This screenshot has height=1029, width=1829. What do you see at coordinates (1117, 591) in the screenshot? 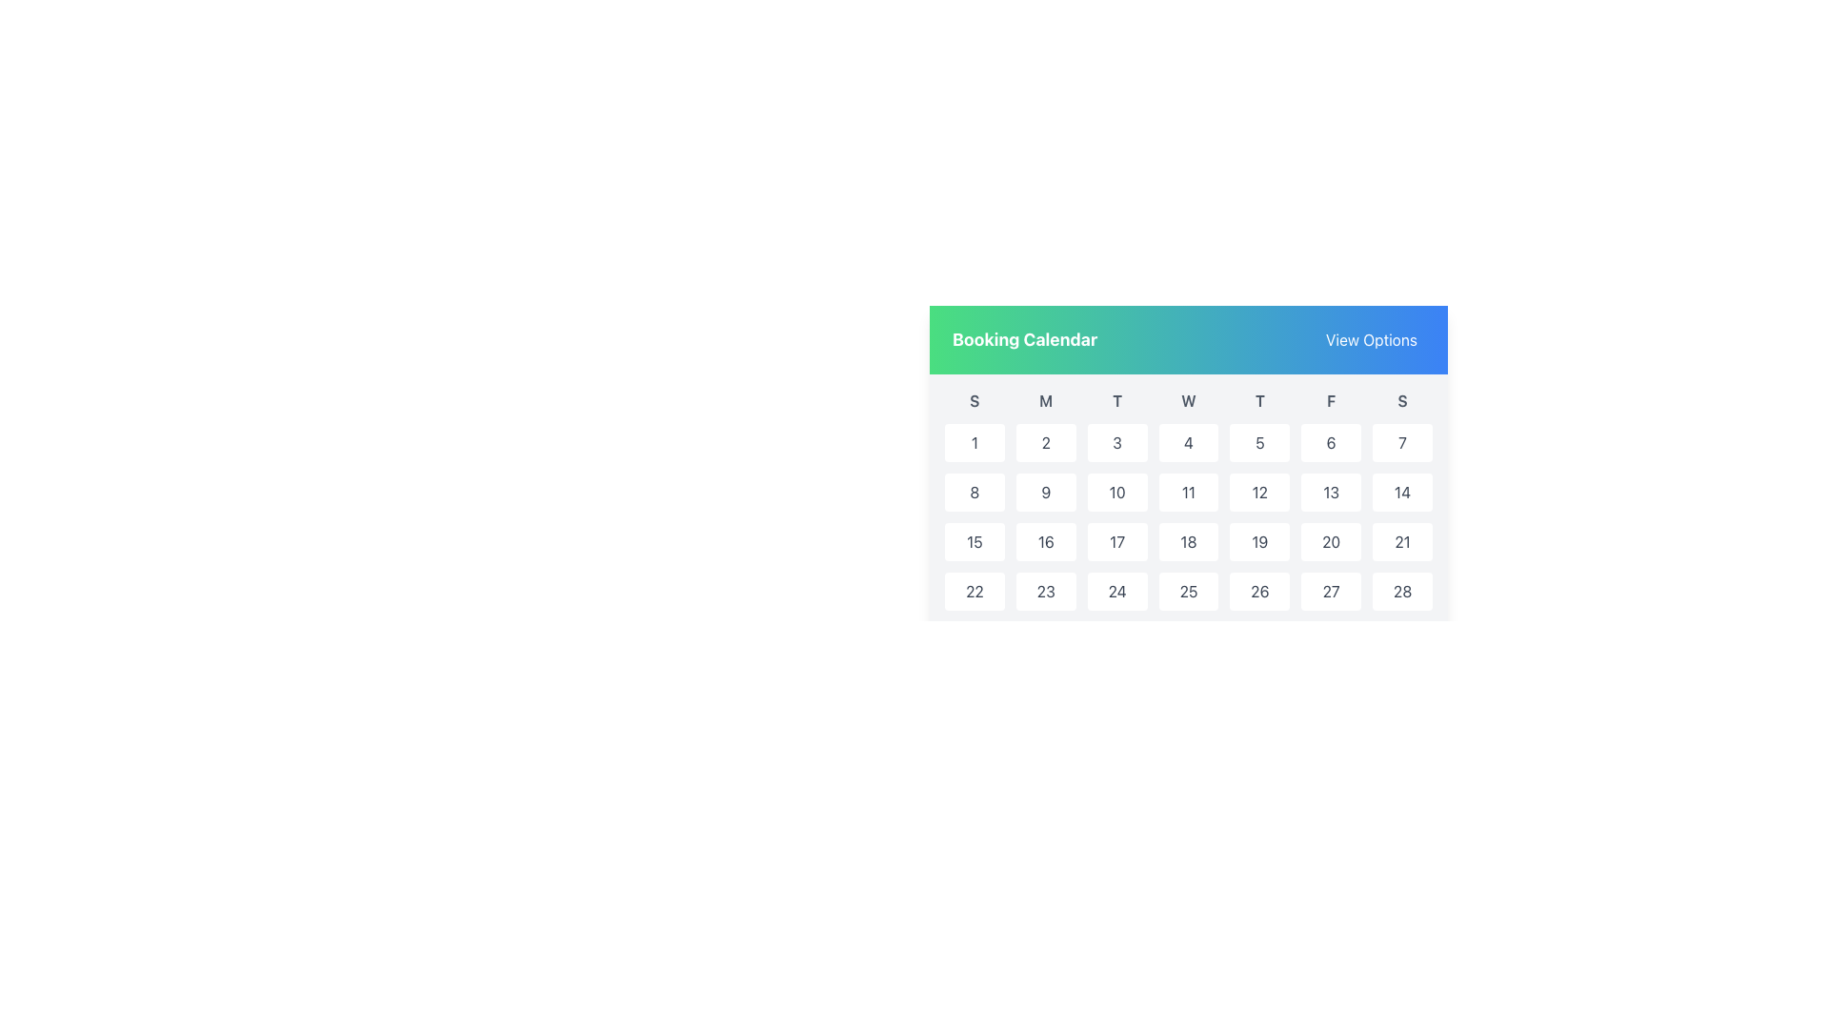
I see `the rounded rectangular button with a white background and the text '24'` at bounding box center [1117, 591].